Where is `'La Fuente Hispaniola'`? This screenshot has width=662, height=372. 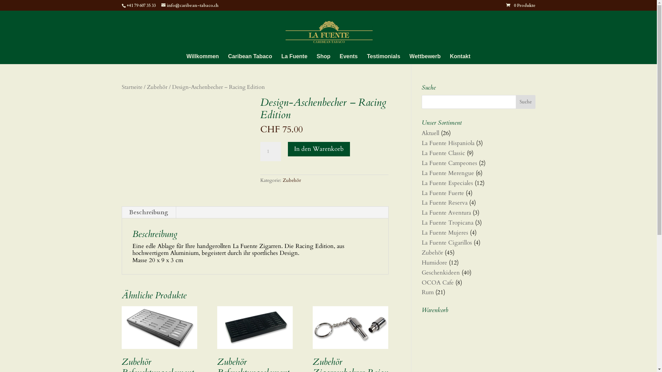 'La Fuente Hispaniola' is located at coordinates (448, 143).